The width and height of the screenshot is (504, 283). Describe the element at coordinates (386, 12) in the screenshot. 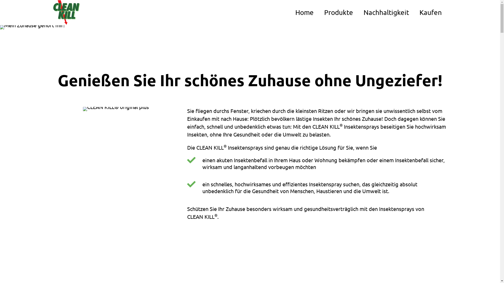

I see `'Nachhaltigkeit'` at that location.